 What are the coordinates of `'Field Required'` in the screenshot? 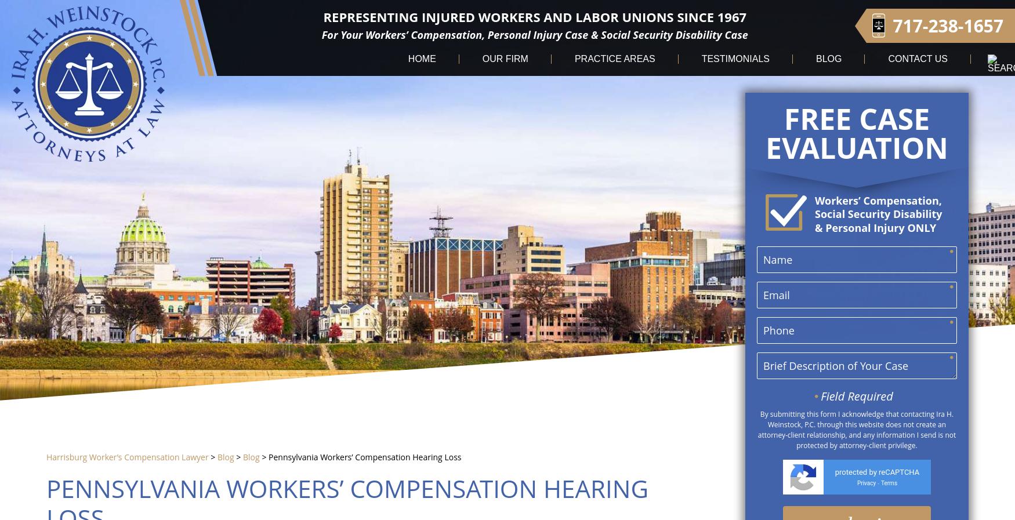 It's located at (857, 396).